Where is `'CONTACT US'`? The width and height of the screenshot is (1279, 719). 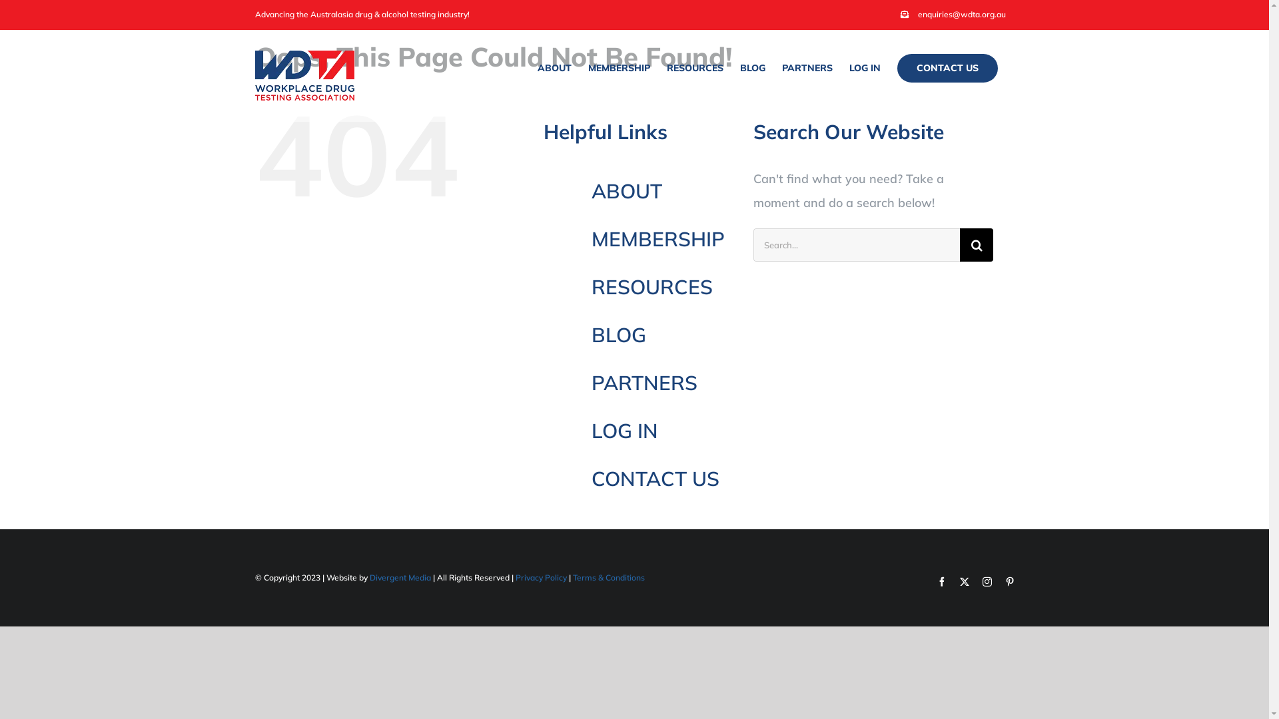
'CONTACT US' is located at coordinates (655, 477).